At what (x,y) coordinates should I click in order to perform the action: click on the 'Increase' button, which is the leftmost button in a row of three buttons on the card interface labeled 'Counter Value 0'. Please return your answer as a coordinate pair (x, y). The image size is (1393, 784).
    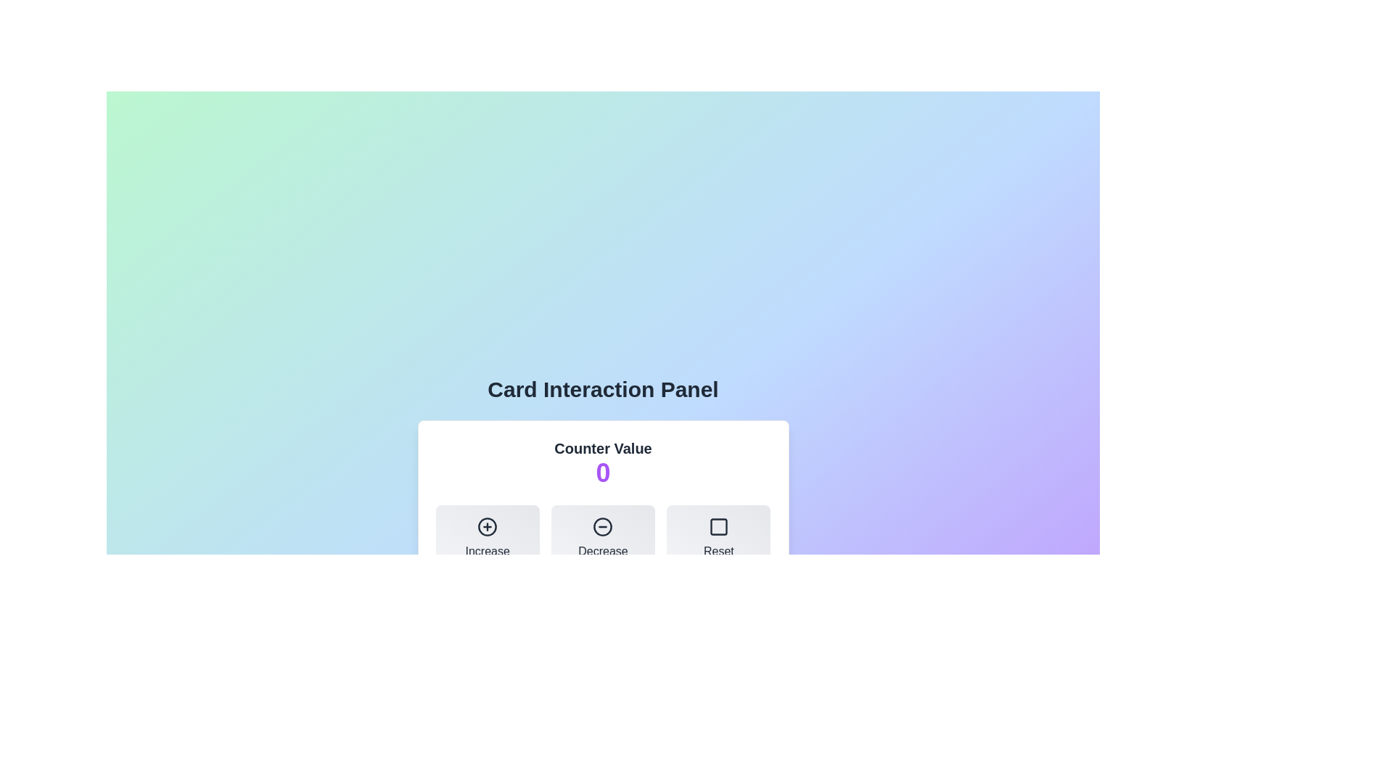
    Looking at the image, I should click on (488, 538).